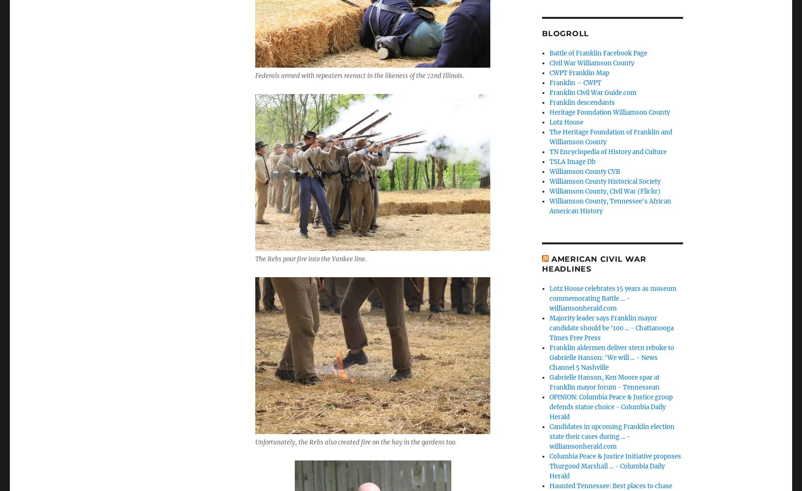  What do you see at coordinates (585, 171) in the screenshot?
I see `'Williamson County CVB'` at bounding box center [585, 171].